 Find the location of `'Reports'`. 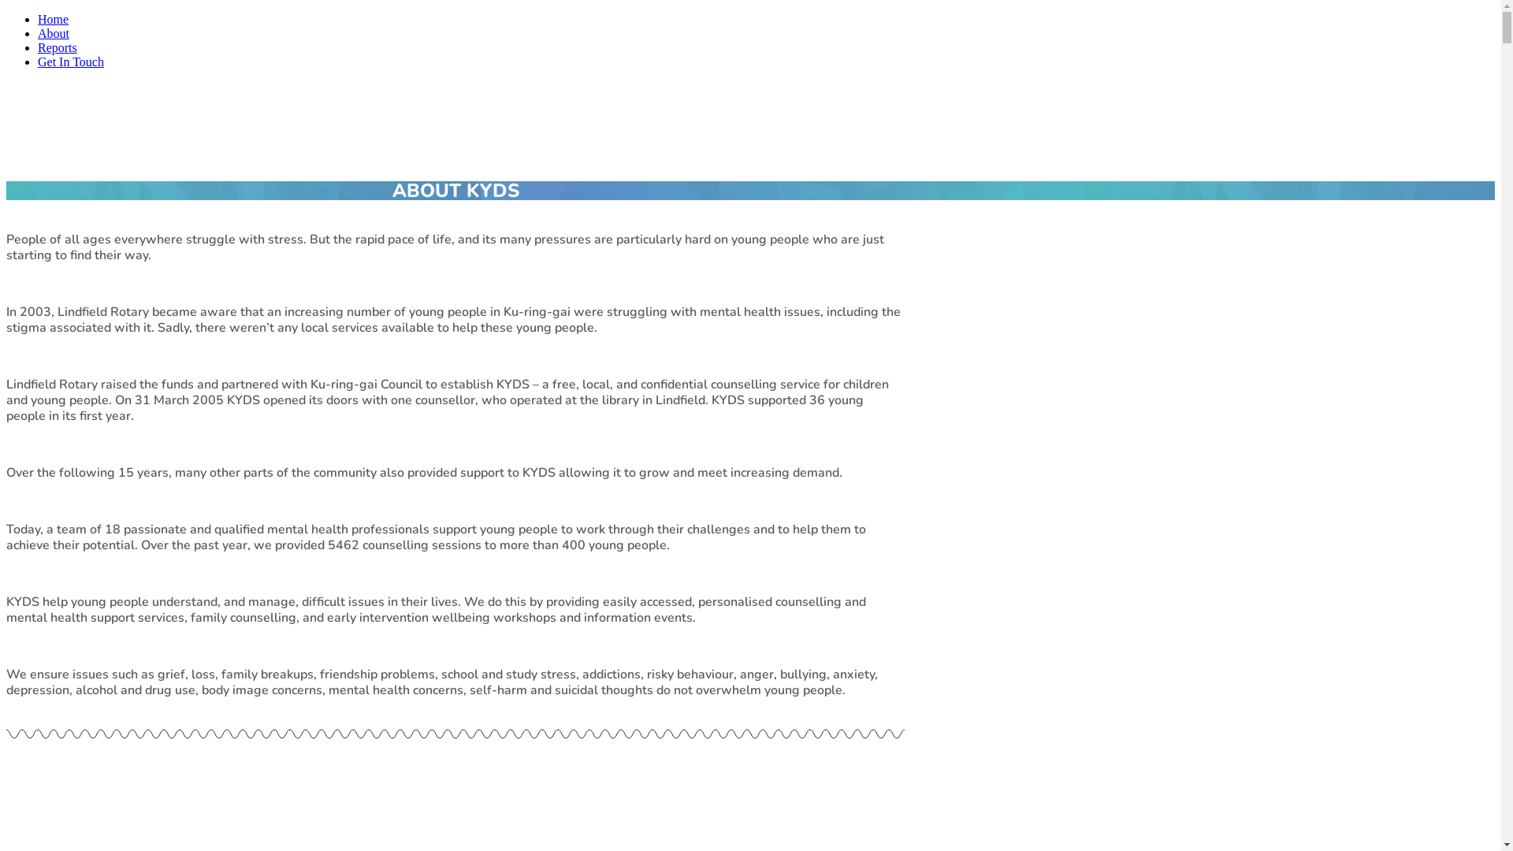

'Reports' is located at coordinates (38, 46).